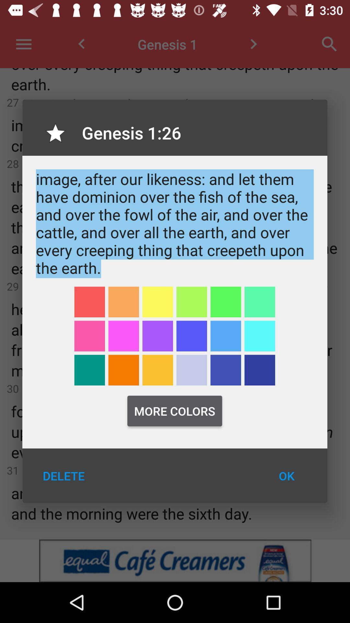 This screenshot has height=623, width=350. Describe the element at coordinates (157, 301) in the screenshot. I see `yellow` at that location.